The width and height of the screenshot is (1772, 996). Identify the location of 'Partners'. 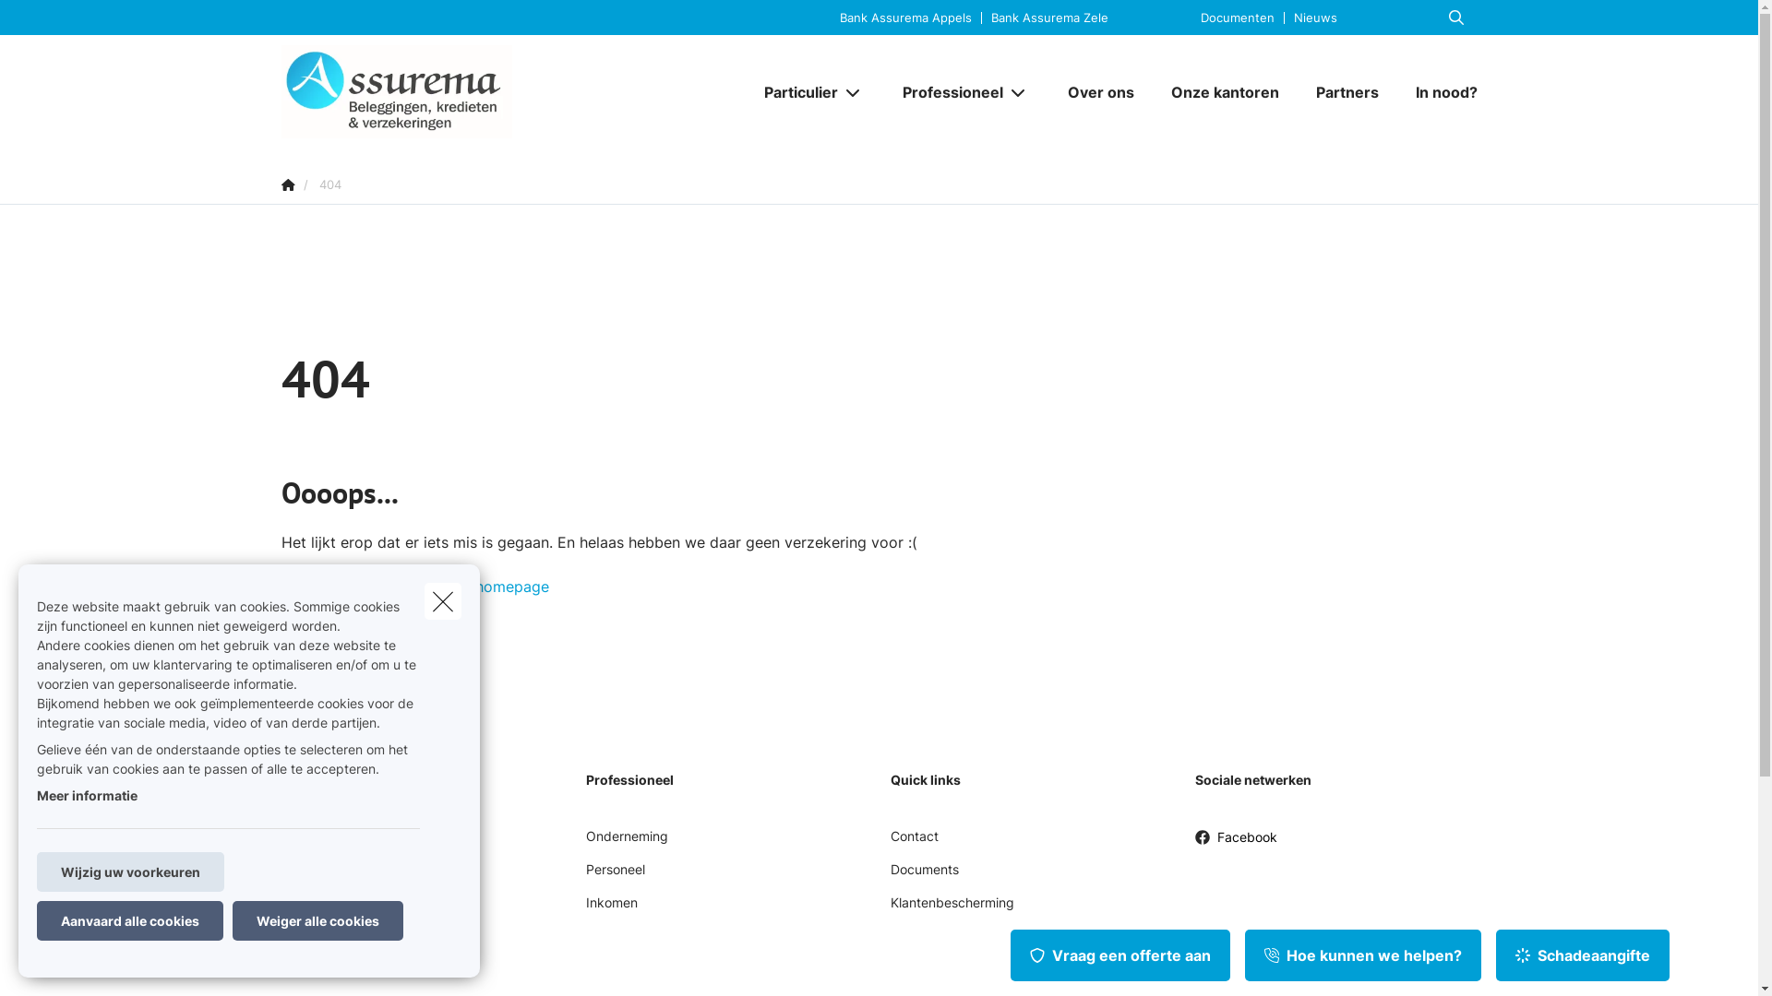
(1347, 92).